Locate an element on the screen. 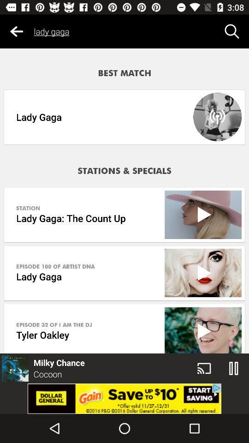  the search icon is located at coordinates (231, 31).